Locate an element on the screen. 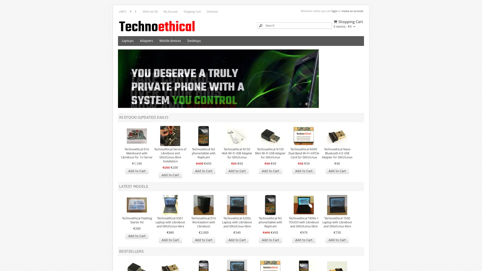  Add to Cart is located at coordinates (337, 256).